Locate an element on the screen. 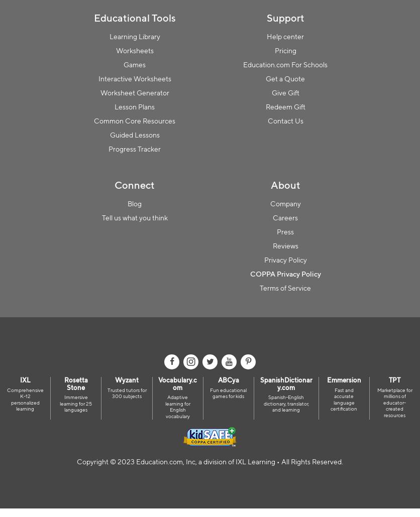  'Wyzant' is located at coordinates (115, 380).